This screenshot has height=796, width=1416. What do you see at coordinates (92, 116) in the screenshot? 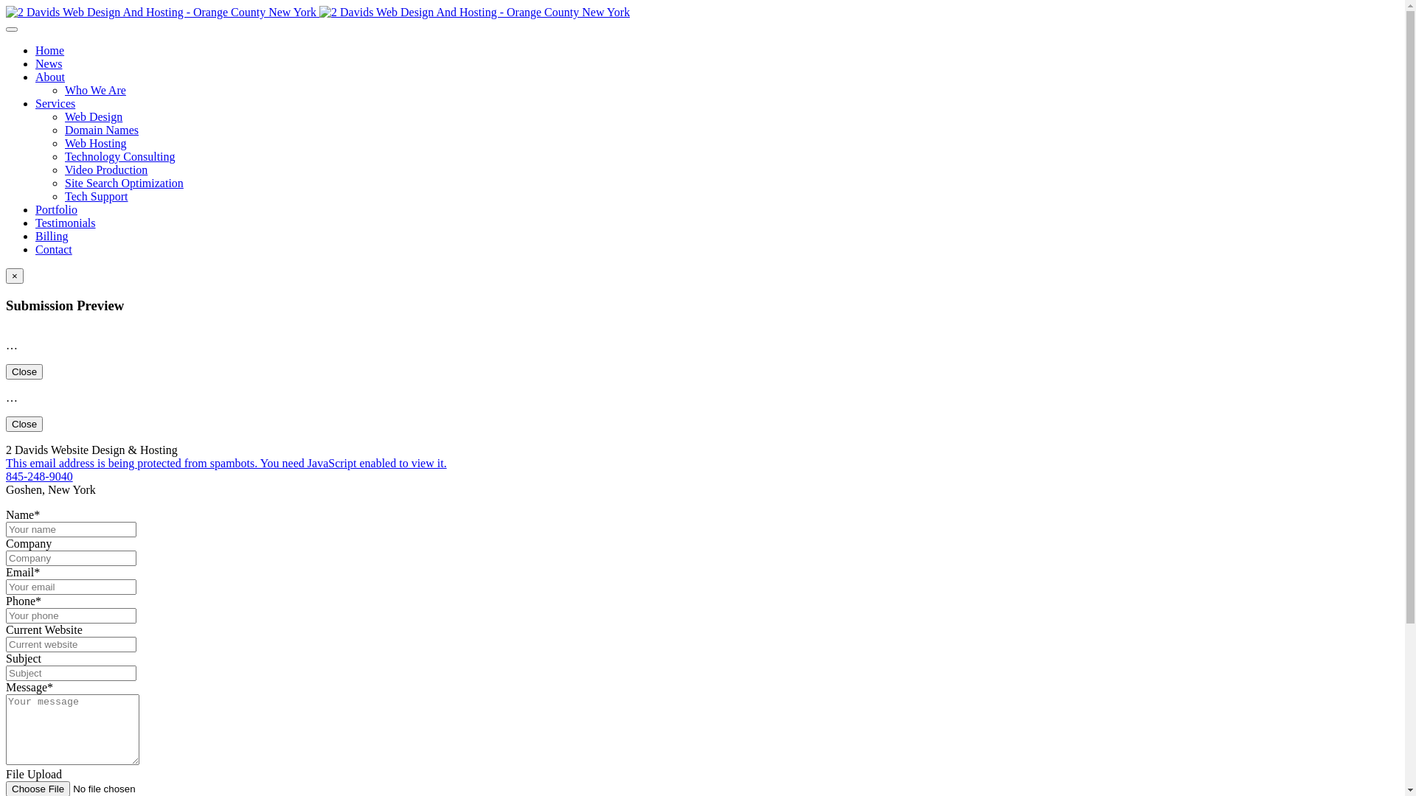
I see `'Web Design'` at bounding box center [92, 116].